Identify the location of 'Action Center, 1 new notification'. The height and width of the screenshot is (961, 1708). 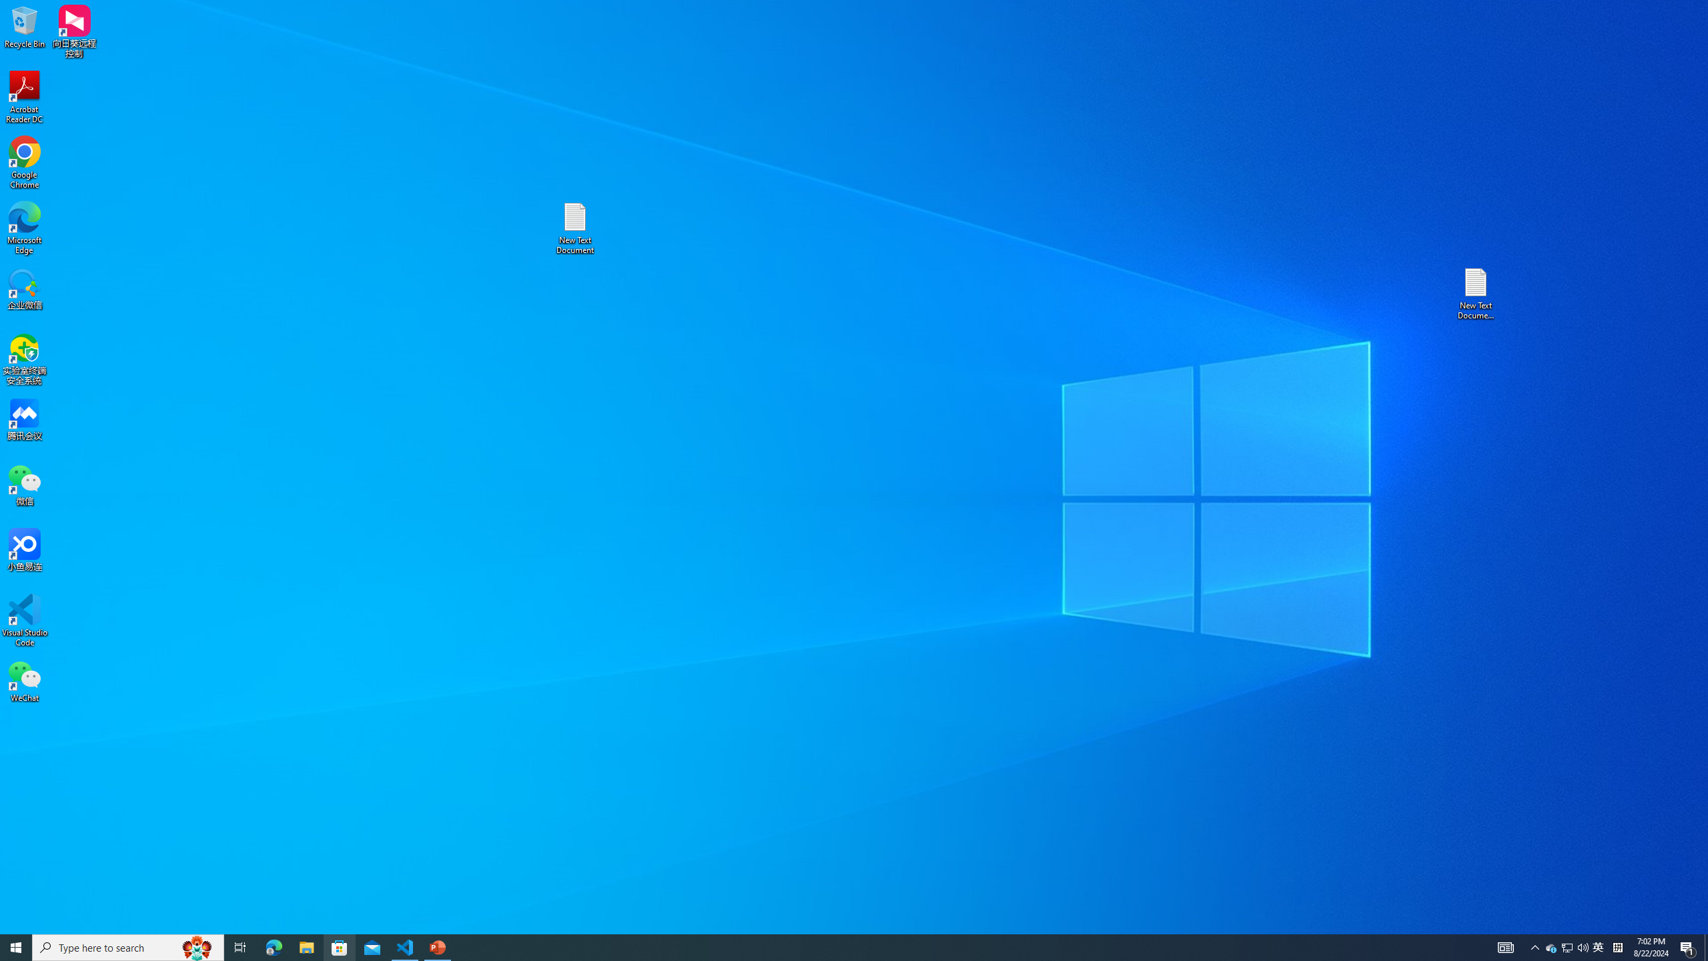
(1688, 946).